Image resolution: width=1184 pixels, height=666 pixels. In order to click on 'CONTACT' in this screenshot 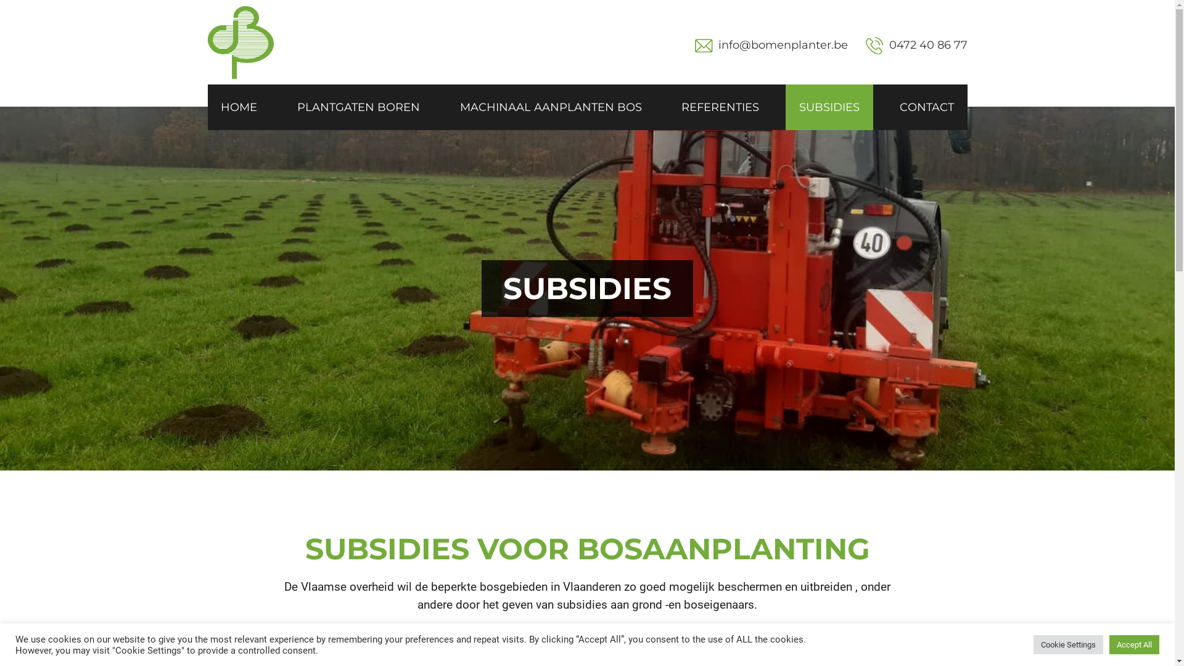, I will do `click(926, 106)`.